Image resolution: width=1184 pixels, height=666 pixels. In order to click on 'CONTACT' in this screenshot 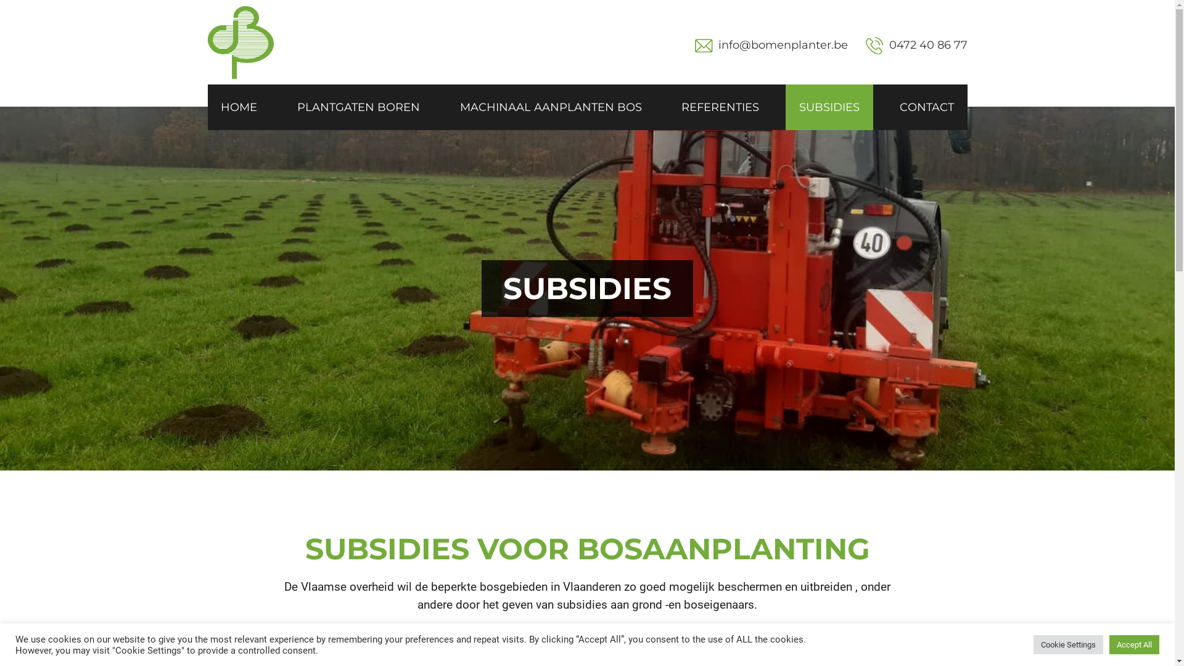, I will do `click(926, 106)`.